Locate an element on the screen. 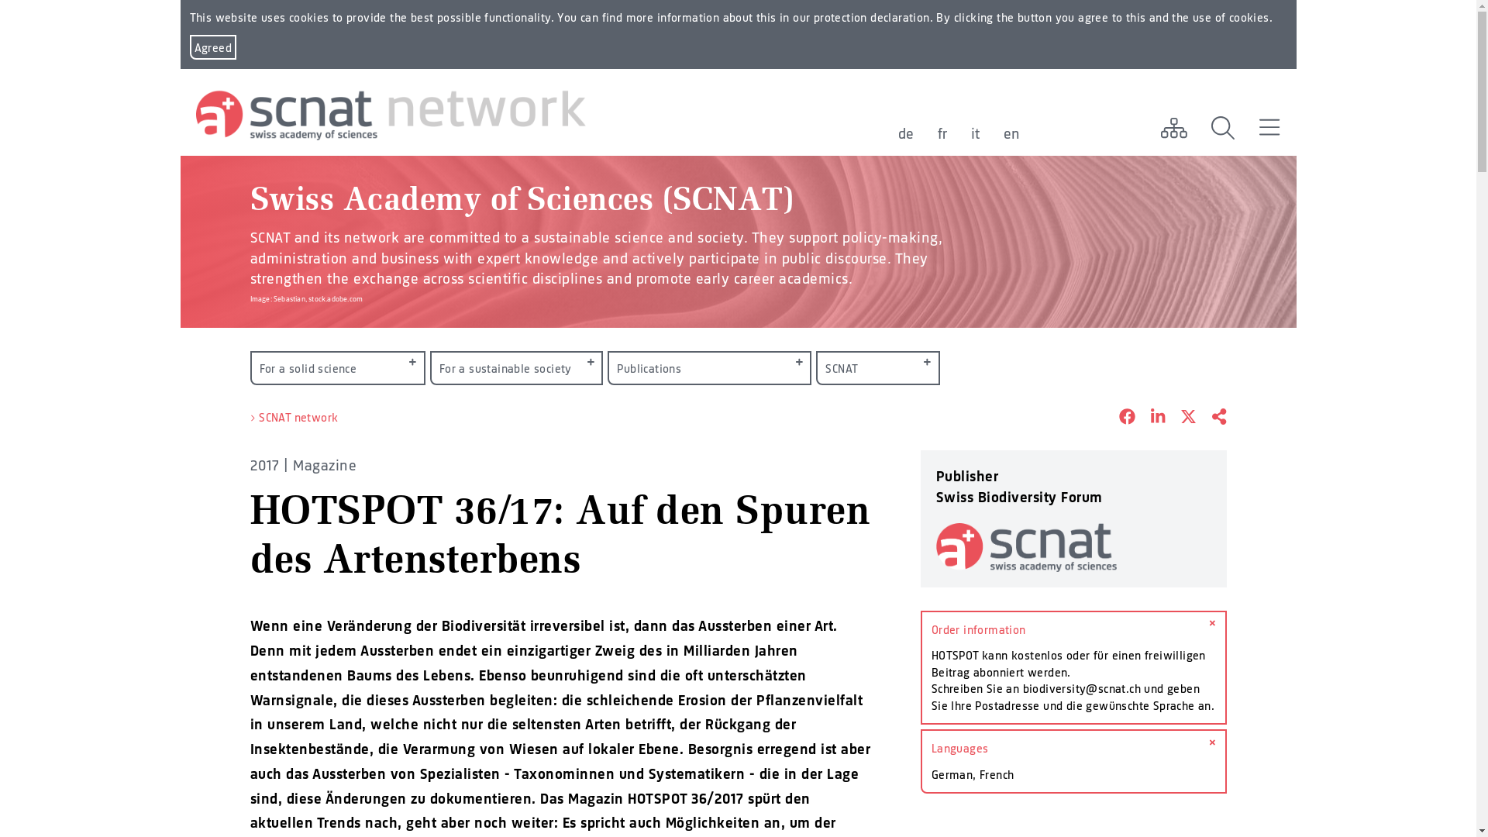 Image resolution: width=1488 pixels, height=837 pixels. 'Network' is located at coordinates (1173, 127).